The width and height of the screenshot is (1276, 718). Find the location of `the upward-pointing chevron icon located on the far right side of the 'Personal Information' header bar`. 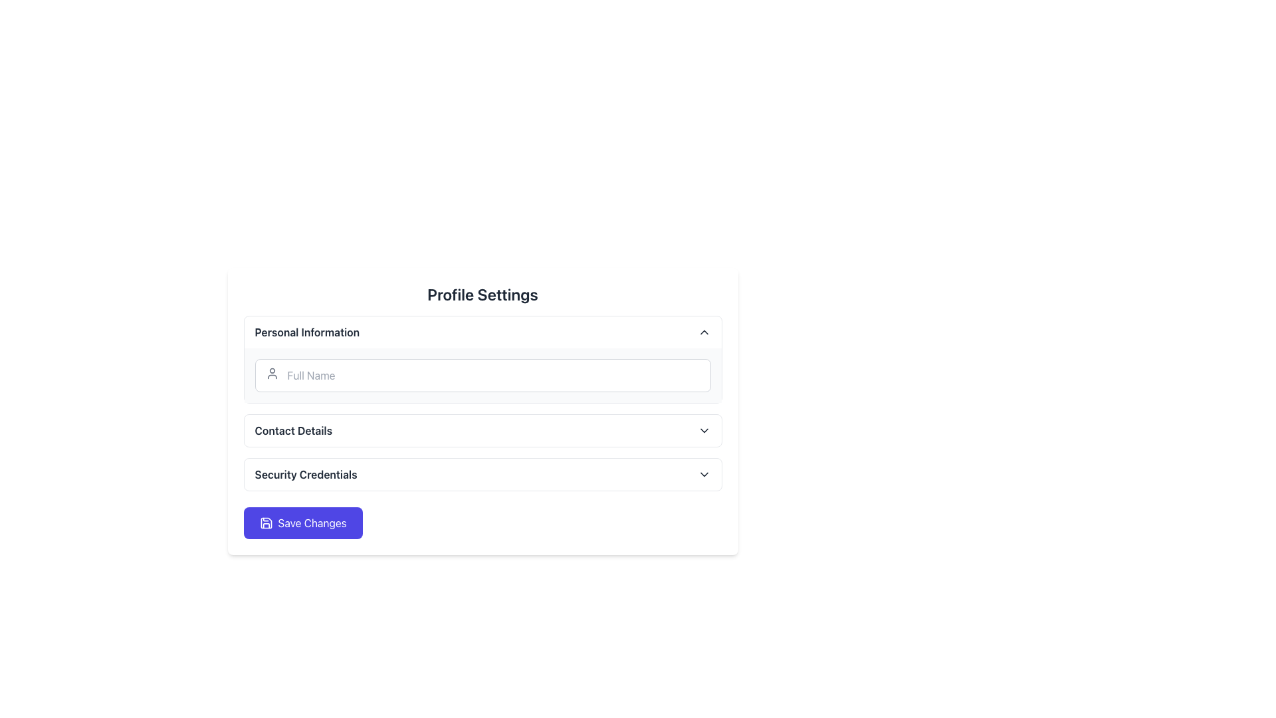

the upward-pointing chevron icon located on the far right side of the 'Personal Information' header bar is located at coordinates (703, 332).